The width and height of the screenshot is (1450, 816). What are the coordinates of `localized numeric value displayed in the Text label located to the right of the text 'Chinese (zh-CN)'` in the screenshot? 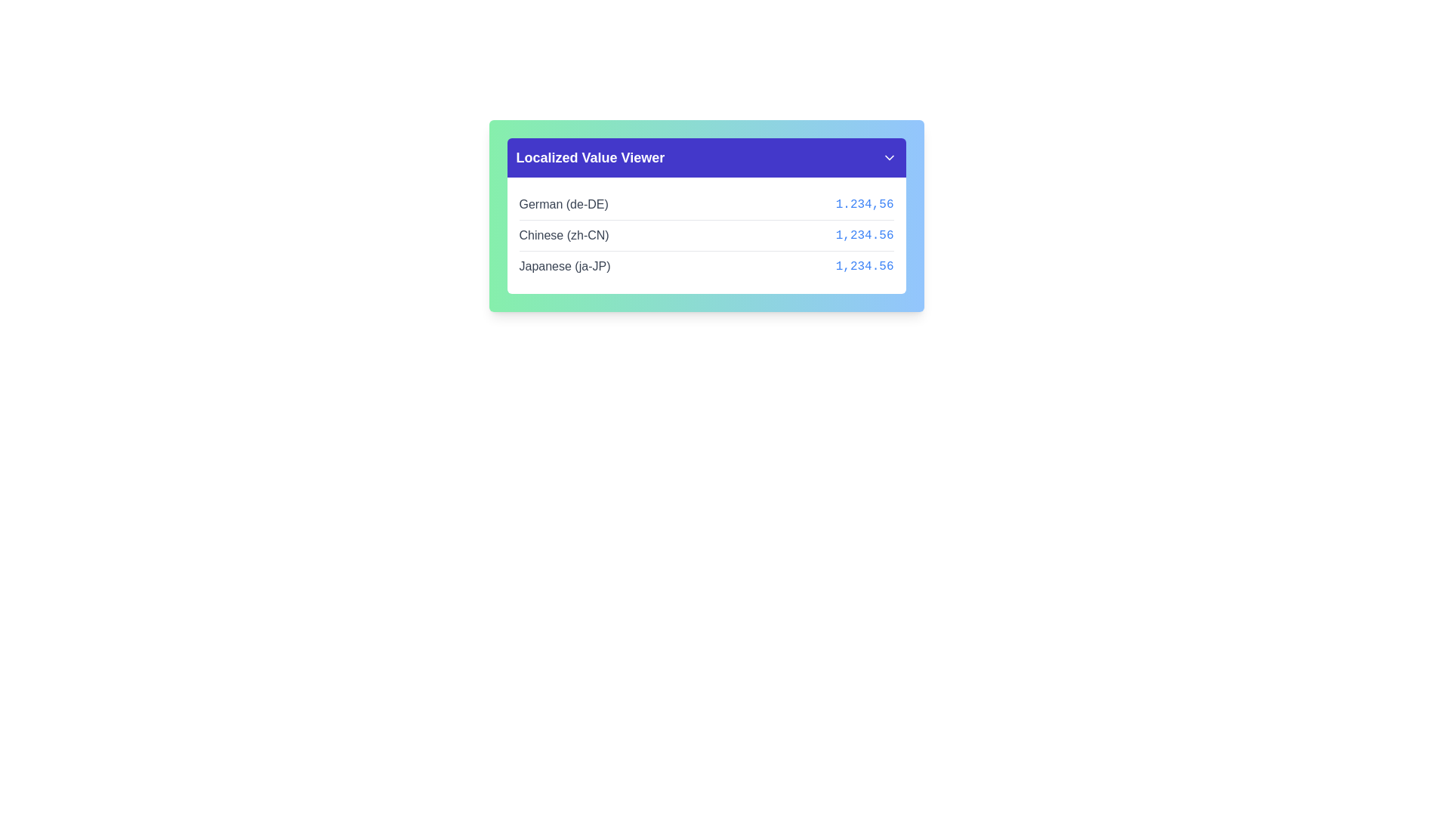 It's located at (865, 236).